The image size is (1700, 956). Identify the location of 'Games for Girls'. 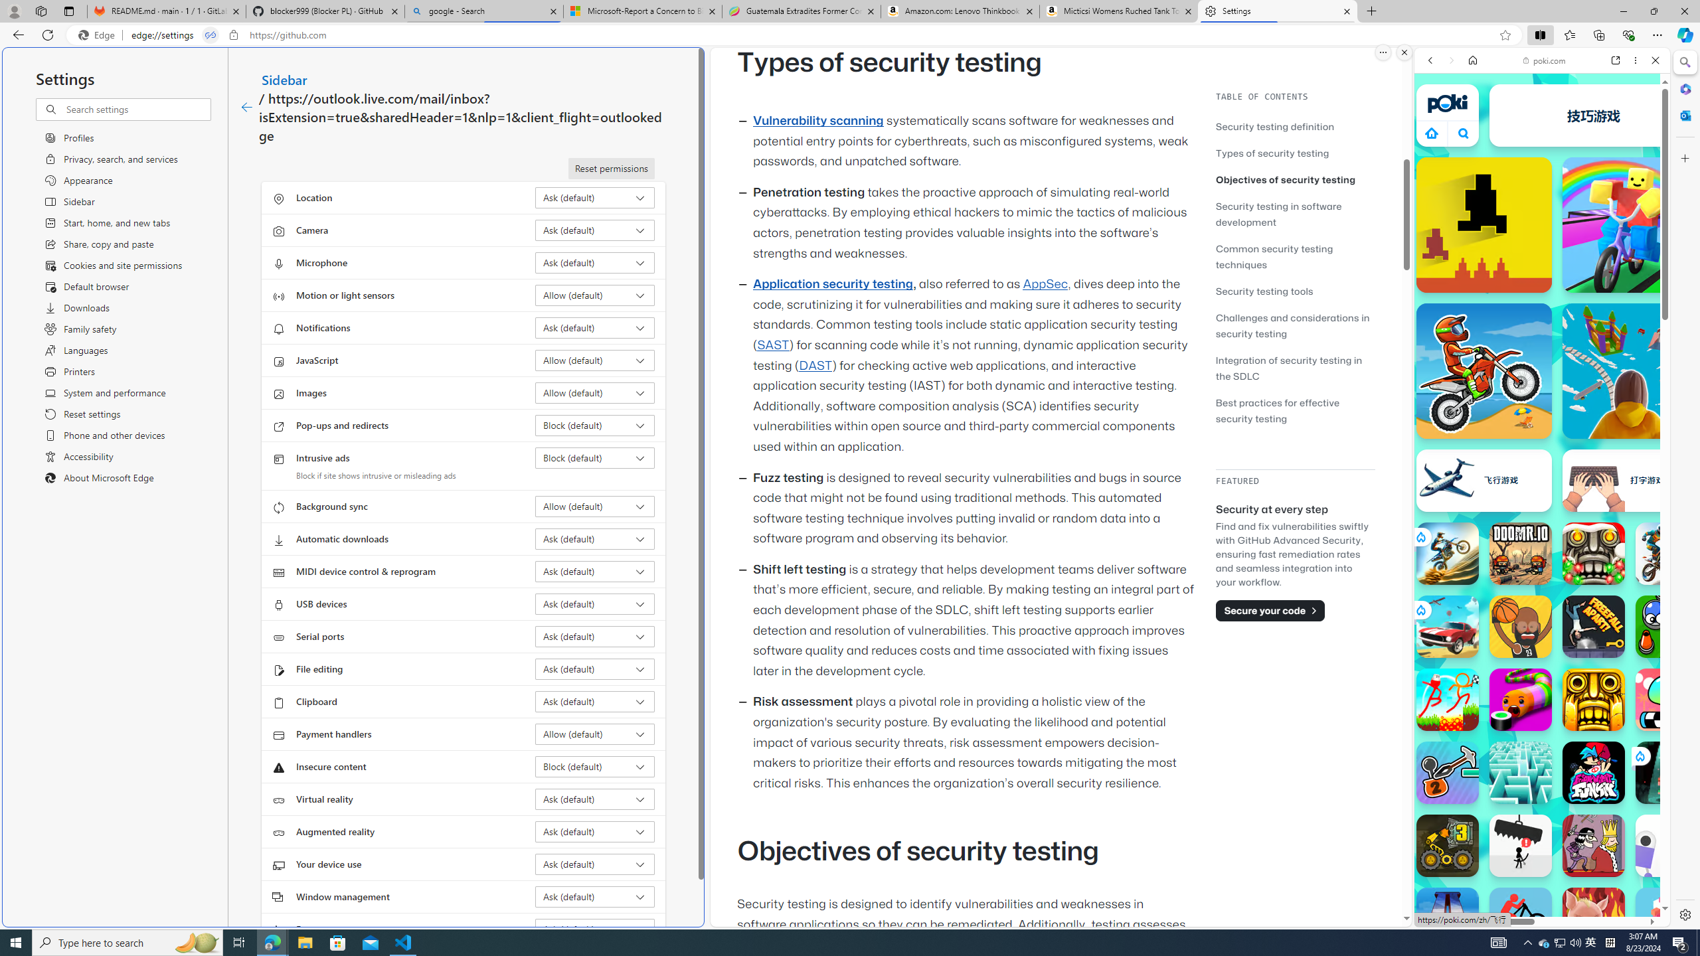
(1541, 475).